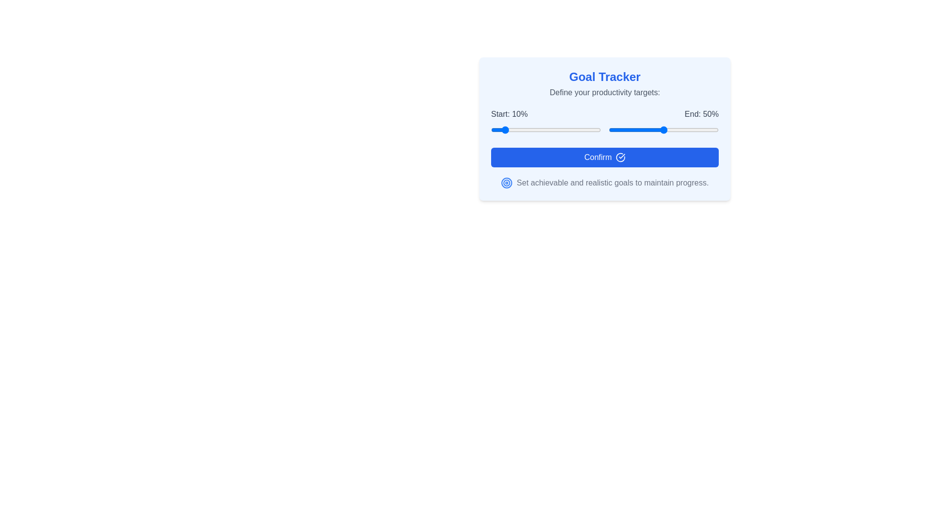 The image size is (942, 530). What do you see at coordinates (509, 113) in the screenshot?
I see `the 'Start: 10%' text label, which is a gray colored label located on the left side of the slider interface` at bounding box center [509, 113].